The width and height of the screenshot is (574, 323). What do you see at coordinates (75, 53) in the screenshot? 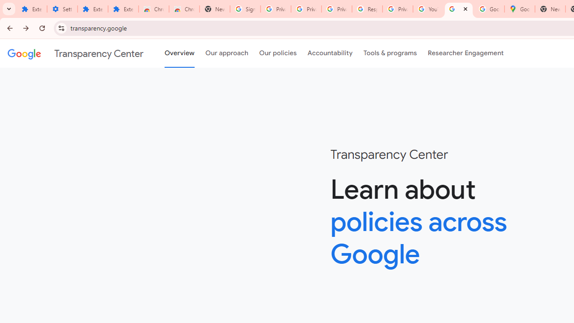
I see `'Transparency Center'` at bounding box center [75, 53].